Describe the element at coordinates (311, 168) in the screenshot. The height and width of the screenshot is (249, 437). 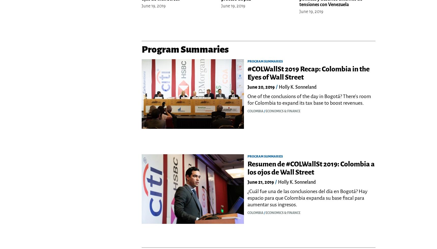
I see `'Resumen de #COLWallSt 2019: Colombia a los ojos de Wall Street'` at that location.